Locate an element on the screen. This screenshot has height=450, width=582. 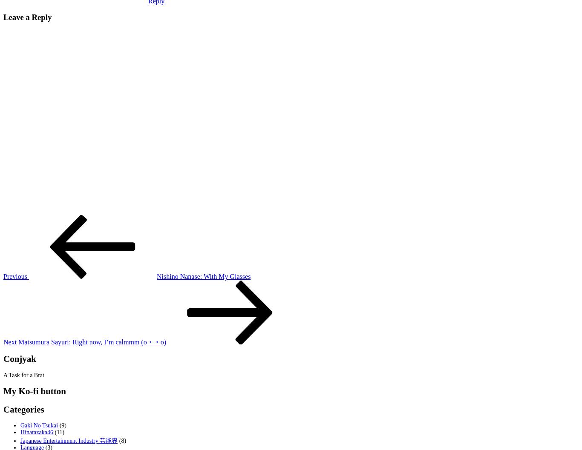
'(11)' is located at coordinates (58, 432).